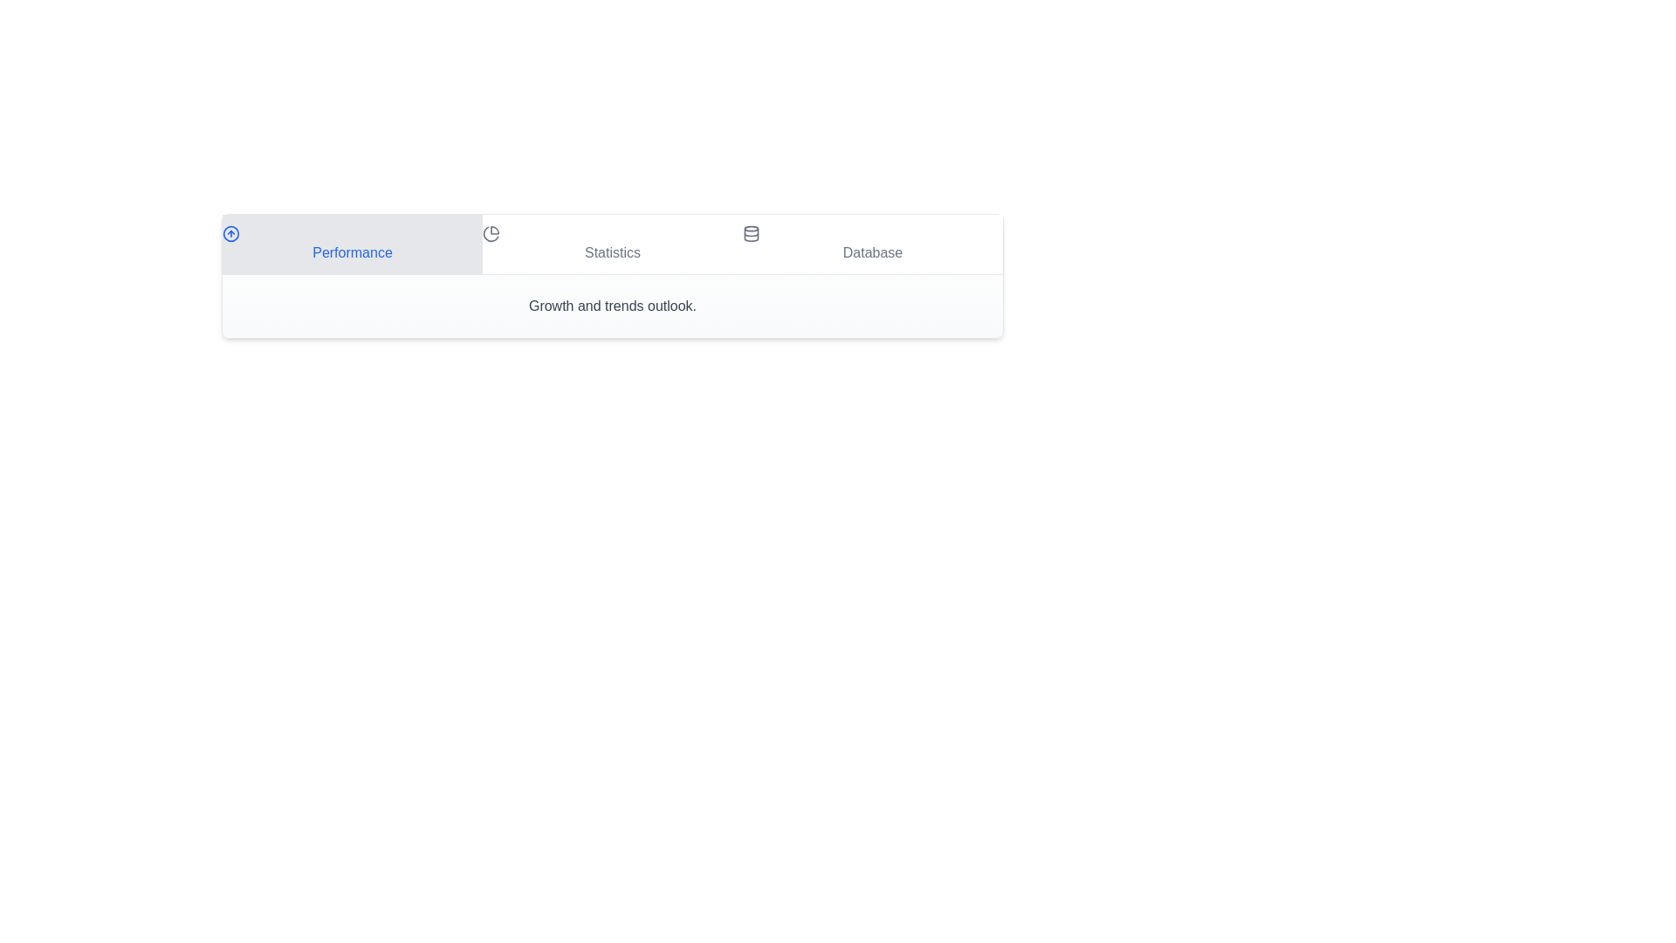  What do you see at coordinates (351, 244) in the screenshot?
I see `the Performance tab by clicking on it` at bounding box center [351, 244].